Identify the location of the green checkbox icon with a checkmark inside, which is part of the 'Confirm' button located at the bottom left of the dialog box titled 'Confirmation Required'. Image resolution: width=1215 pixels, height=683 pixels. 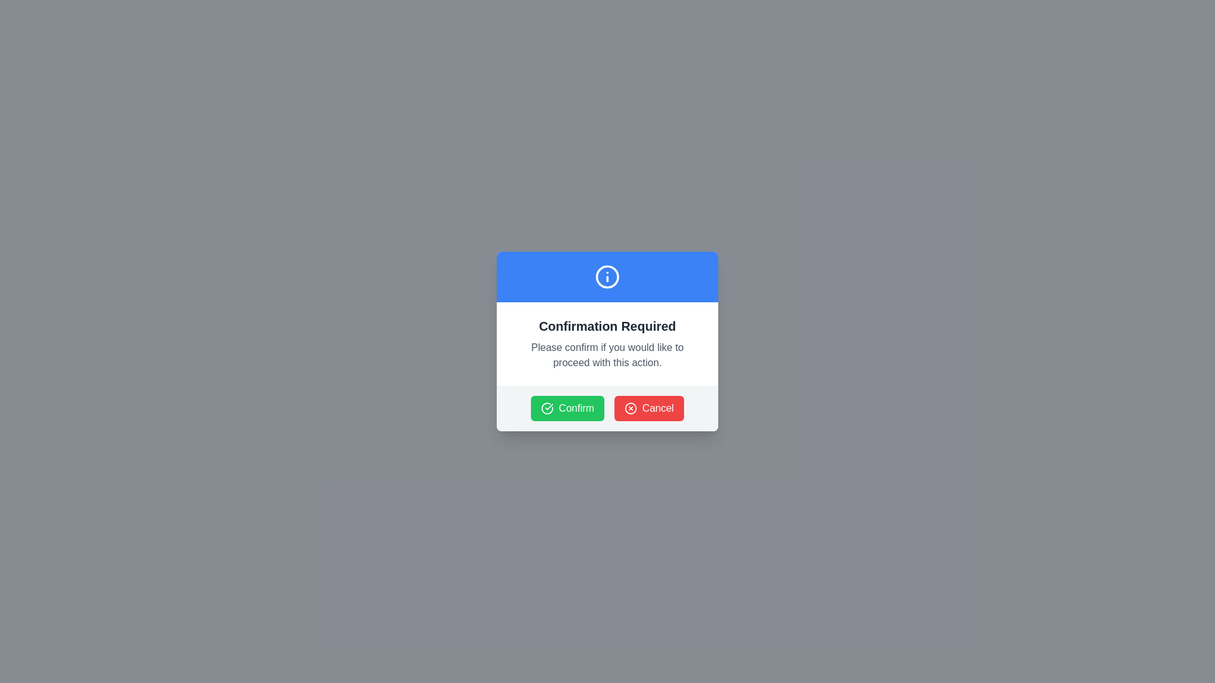
(547, 408).